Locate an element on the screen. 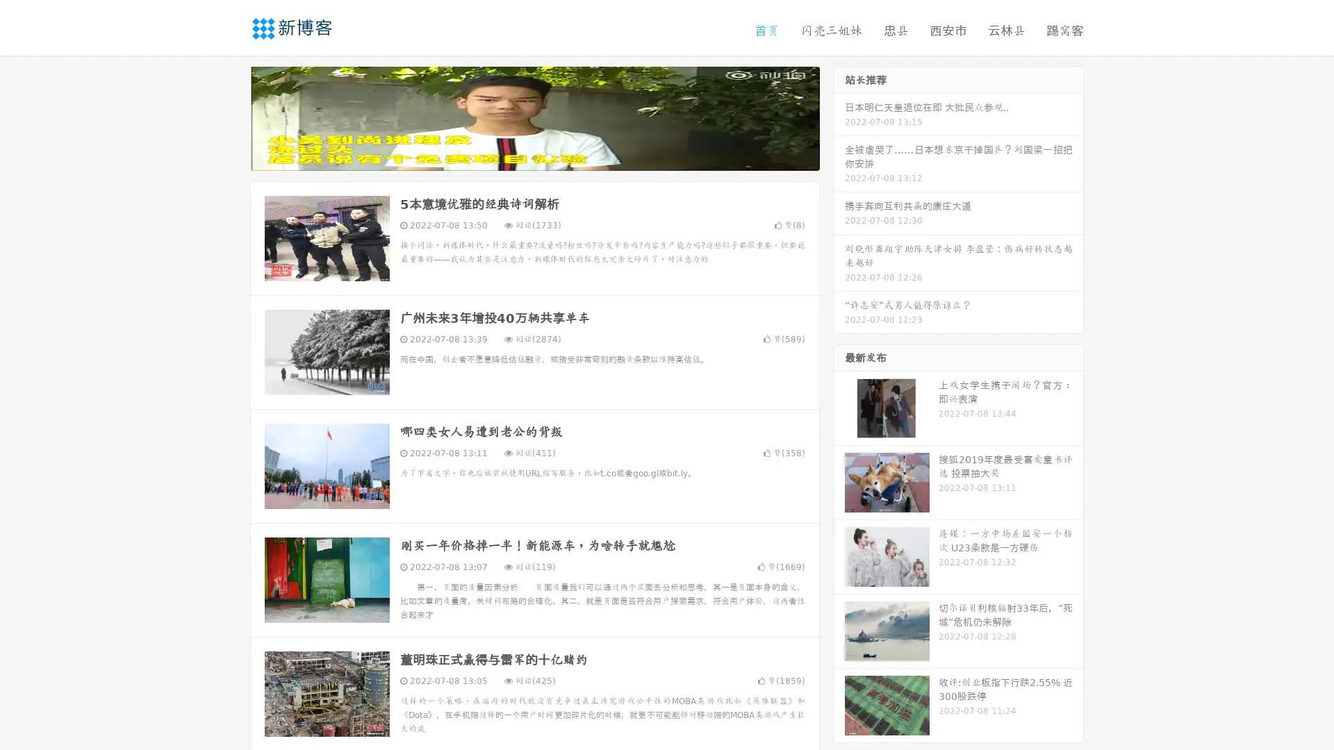 The width and height of the screenshot is (1334, 750). Go to slide 2 is located at coordinates (534, 156).